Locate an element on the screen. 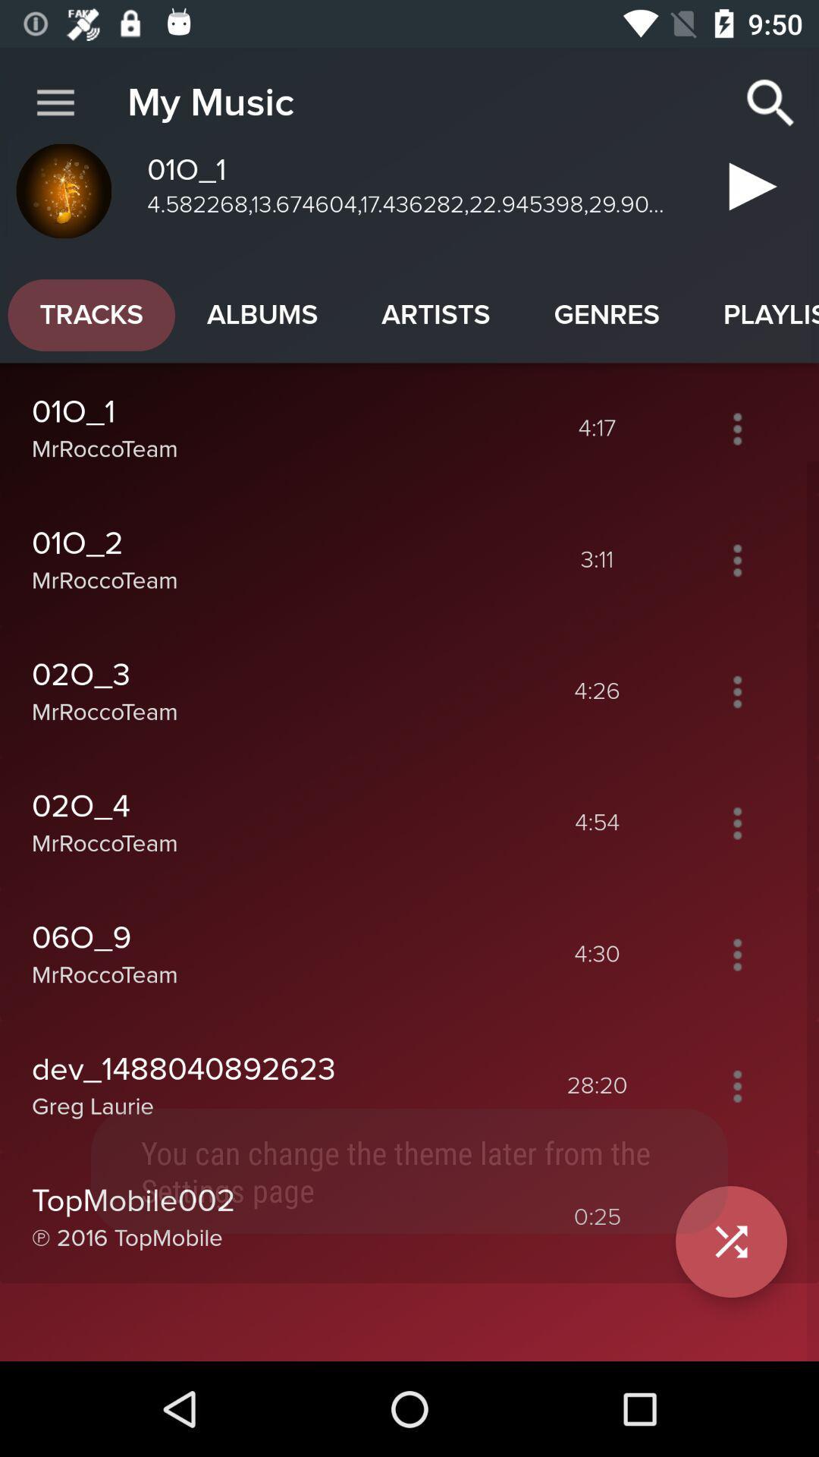 Image resolution: width=819 pixels, height=1457 pixels. playlist is located at coordinates (736, 1085).